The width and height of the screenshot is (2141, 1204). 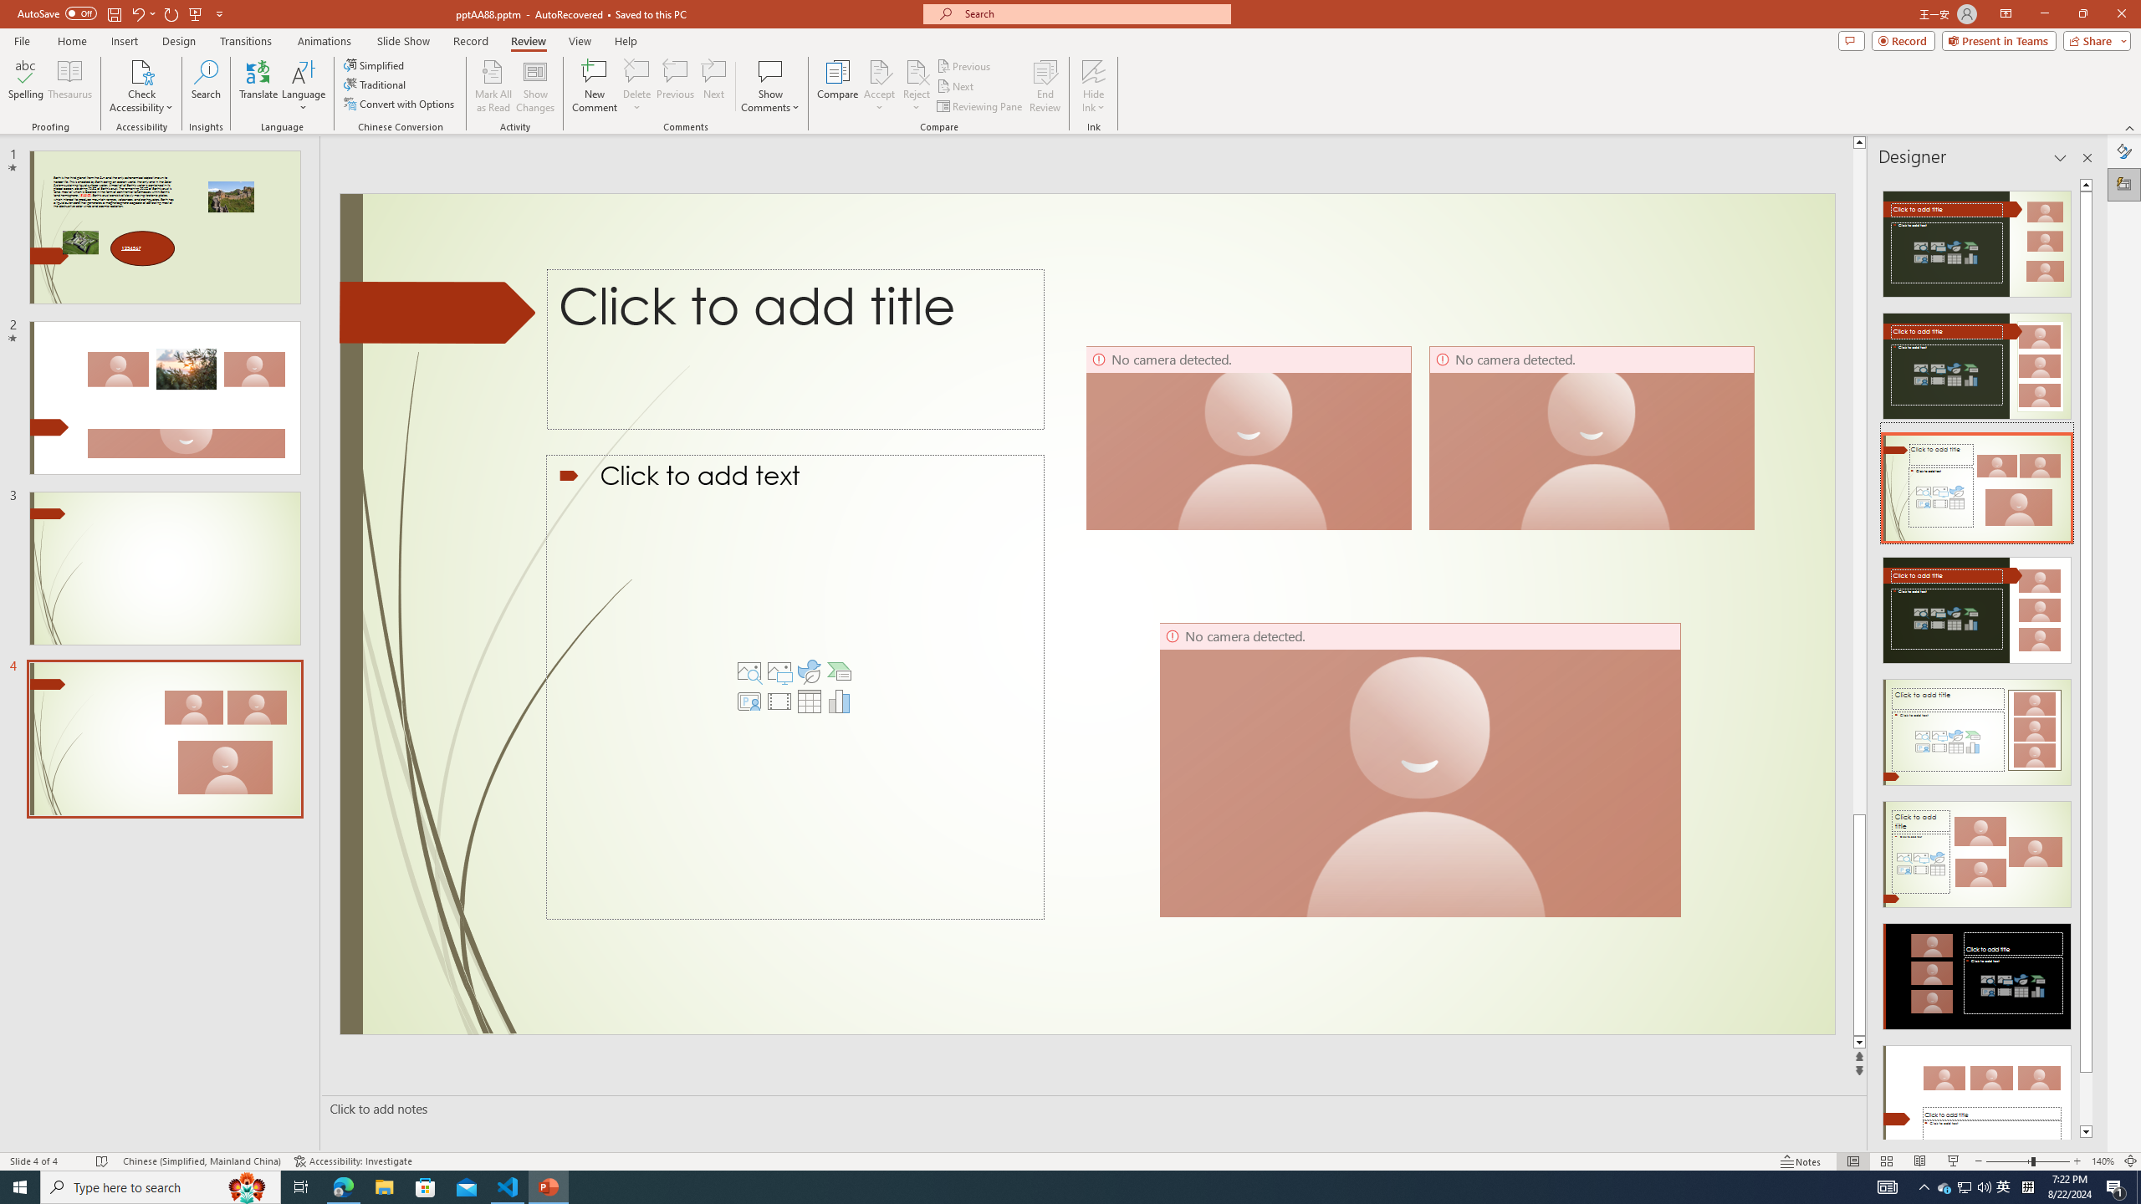 I want to click on 'Insert Cameo', so click(x=749, y=701).